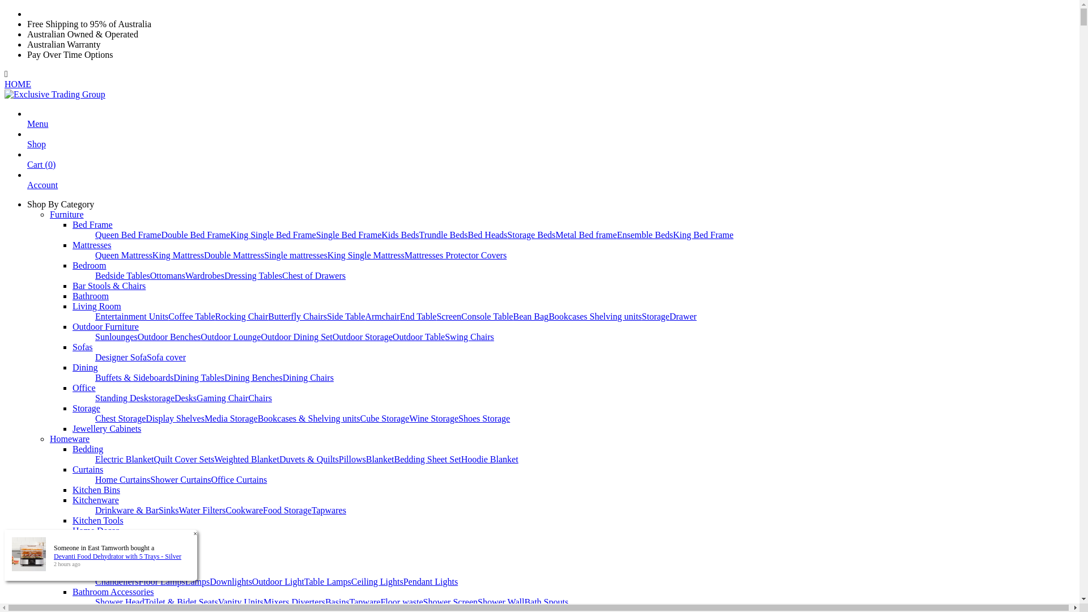  I want to click on 'King Single Mattress', so click(366, 255).